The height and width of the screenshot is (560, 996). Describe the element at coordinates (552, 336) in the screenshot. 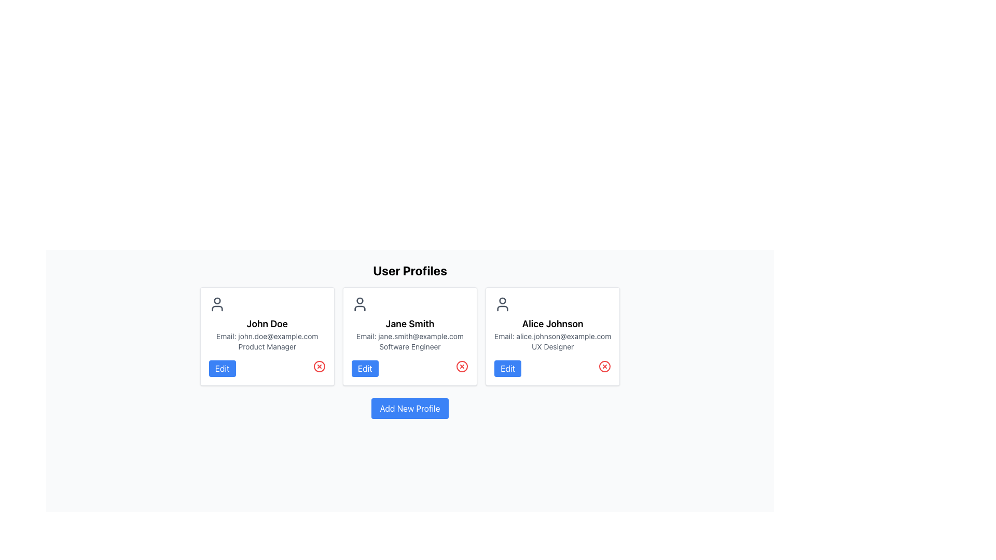

I see `email address displayed in small gray text, which is located in the third profile card from the left, beneath 'Alice Johnson'` at that location.